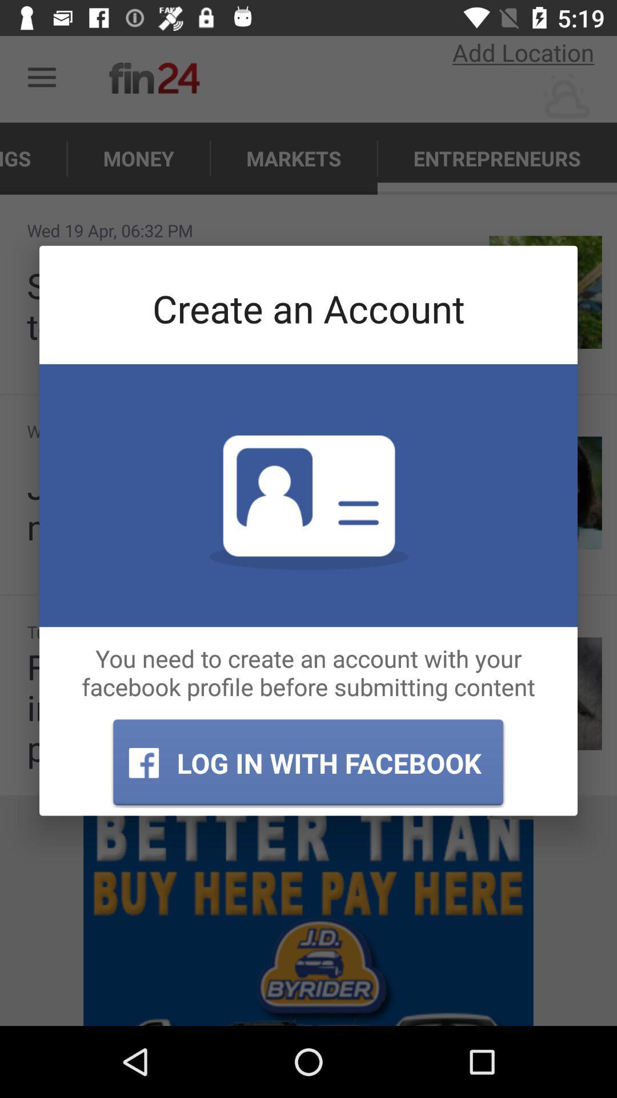 The width and height of the screenshot is (617, 1098). I want to click on log in with icon, so click(307, 763).